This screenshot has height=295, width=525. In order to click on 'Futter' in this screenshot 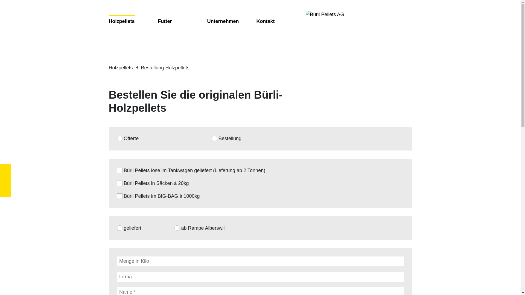, I will do `click(165, 21)`.